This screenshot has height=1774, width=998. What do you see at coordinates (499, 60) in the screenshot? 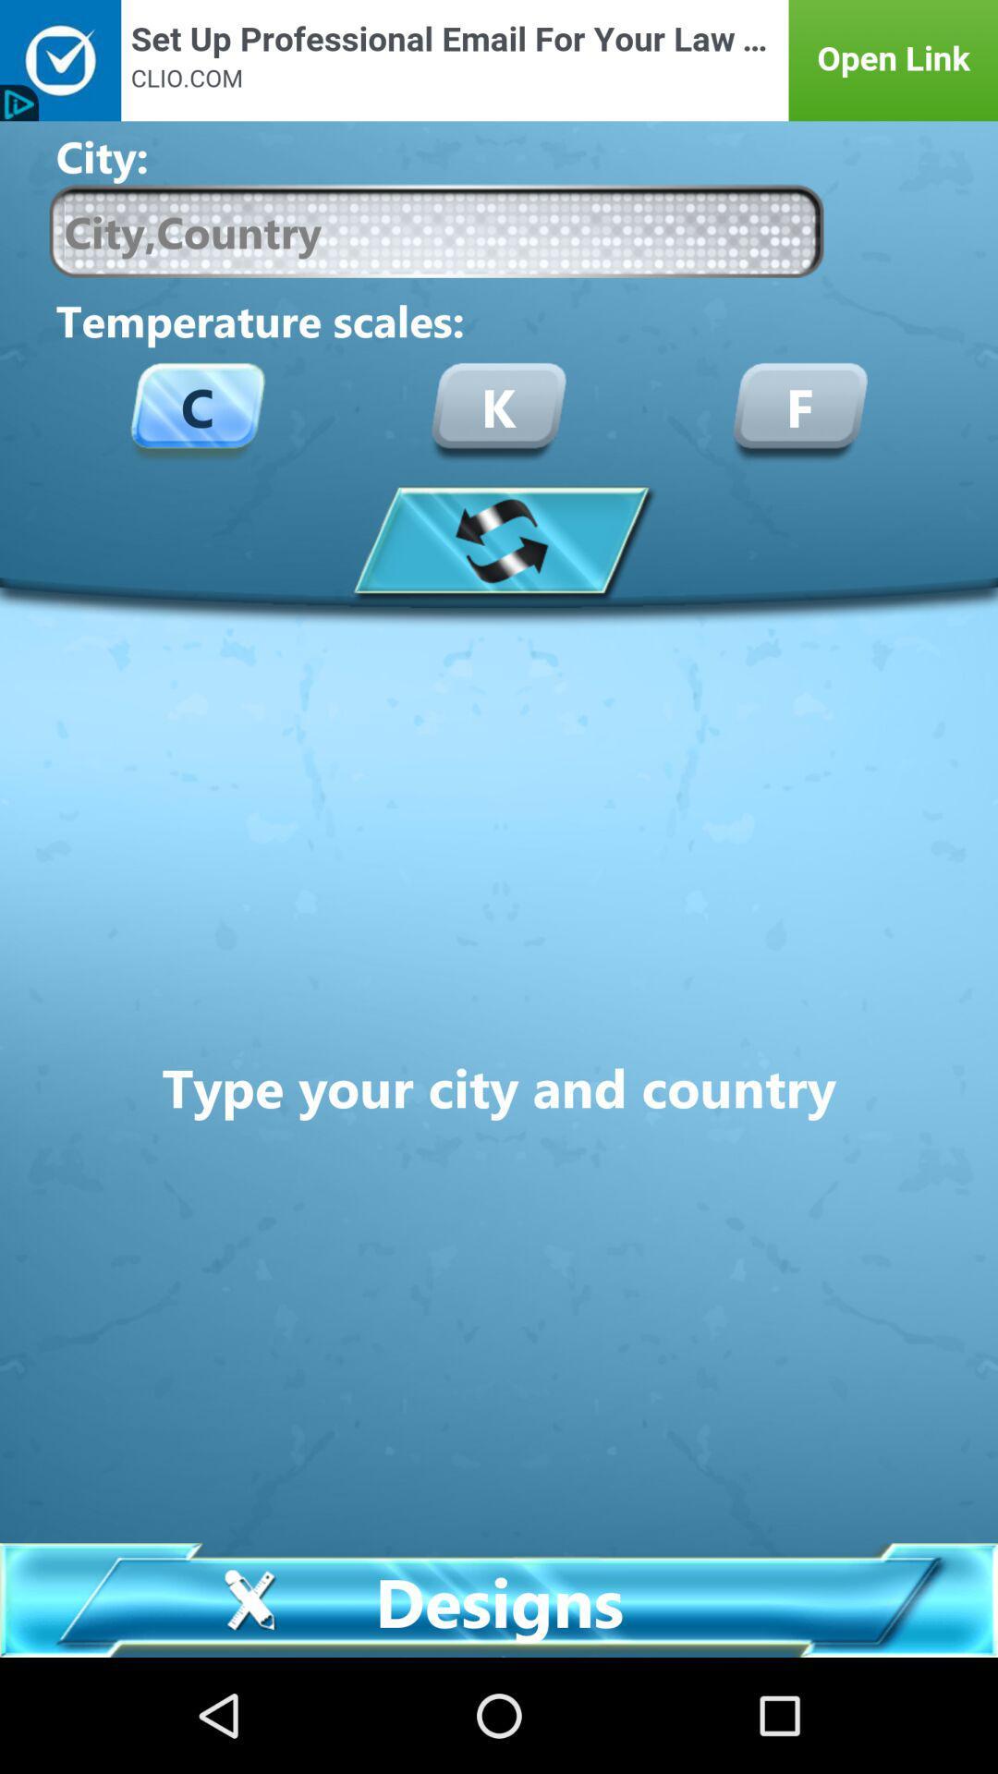
I see `access advertisement` at bounding box center [499, 60].